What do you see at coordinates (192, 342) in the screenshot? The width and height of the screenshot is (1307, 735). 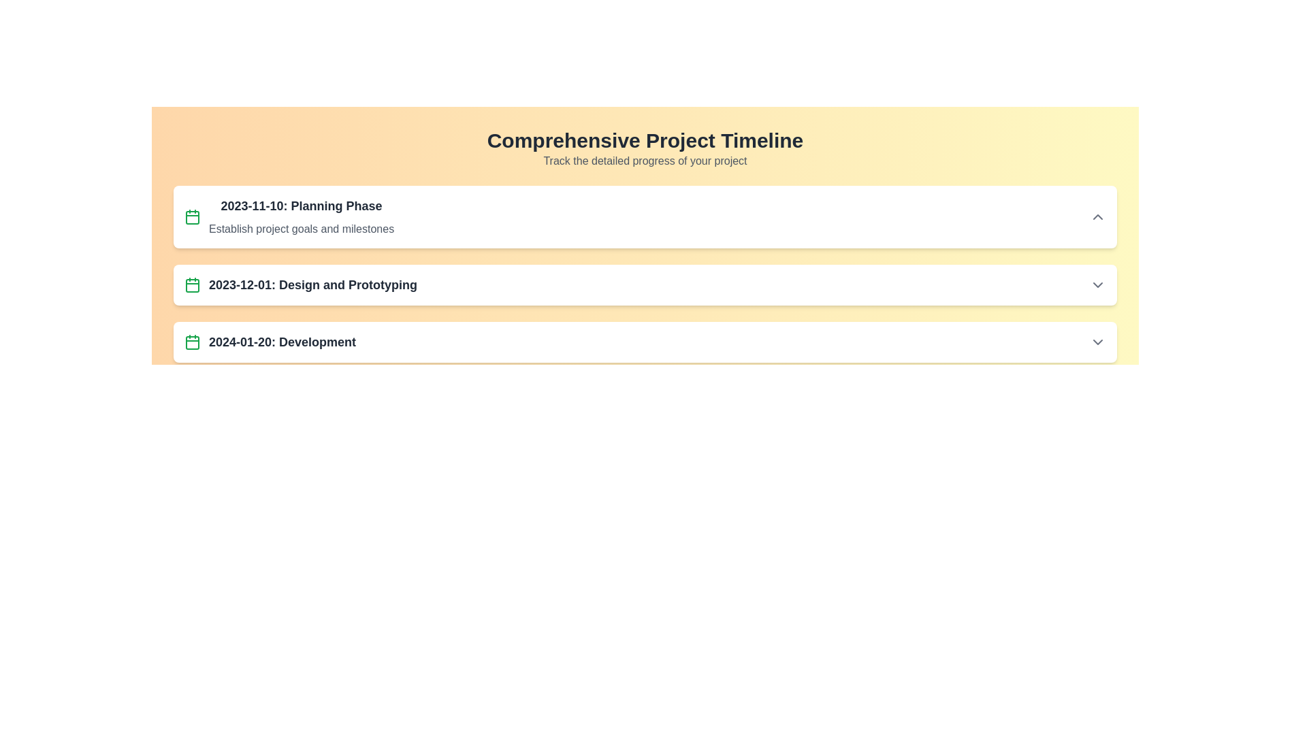 I see `the decorative graphic element (SVG rectangle) that forms the larger rectangular frame of the calendar icon, located adjacent to the timeline event description` at bounding box center [192, 342].